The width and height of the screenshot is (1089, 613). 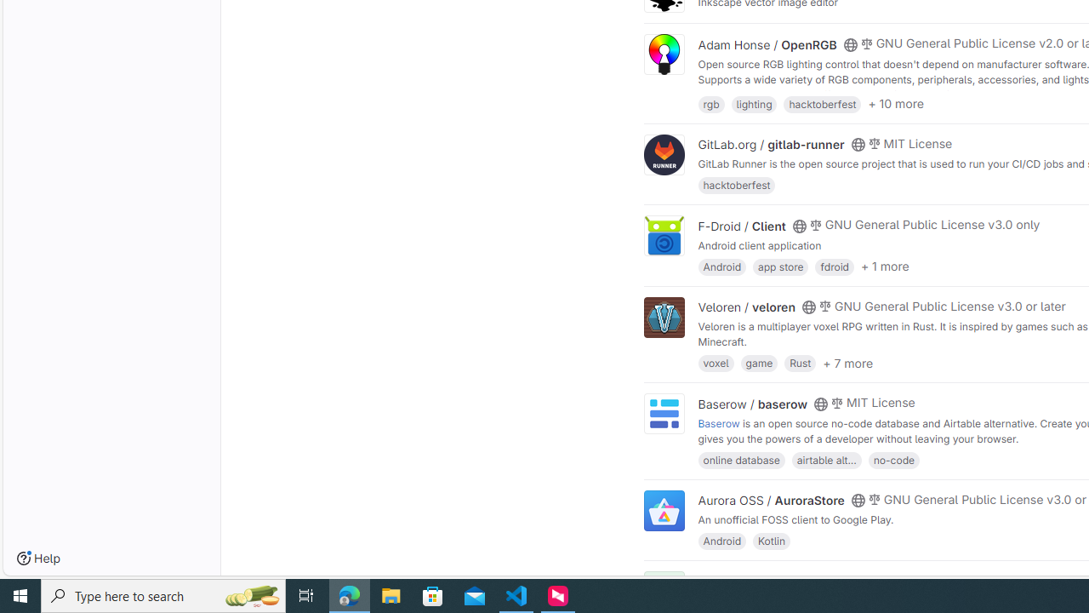 I want to click on 'voxel', so click(x=716, y=362).